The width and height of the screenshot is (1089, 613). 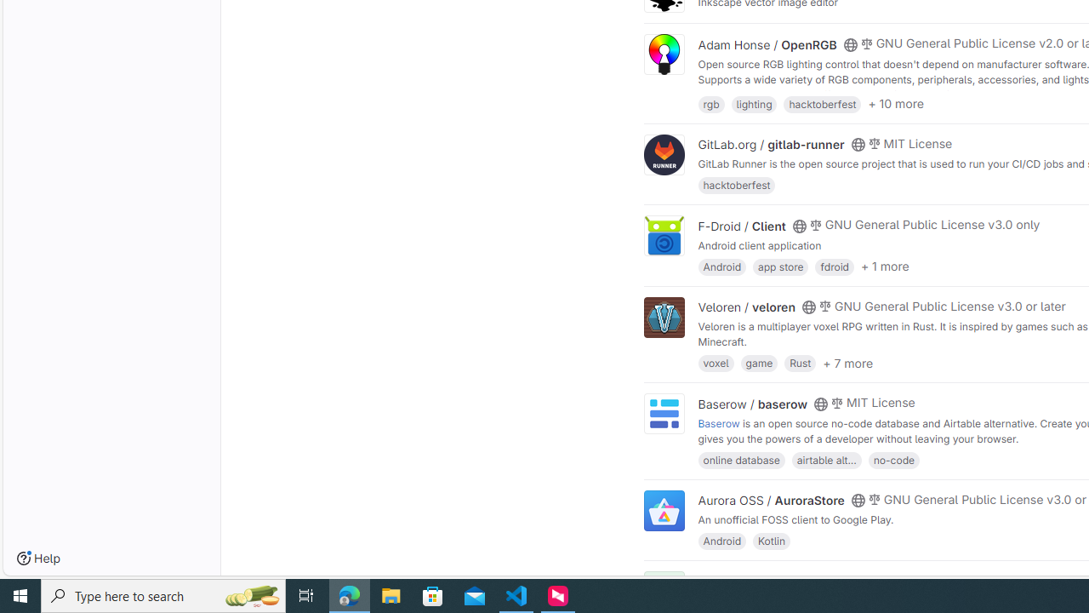 I want to click on 'voxel', so click(x=716, y=362).